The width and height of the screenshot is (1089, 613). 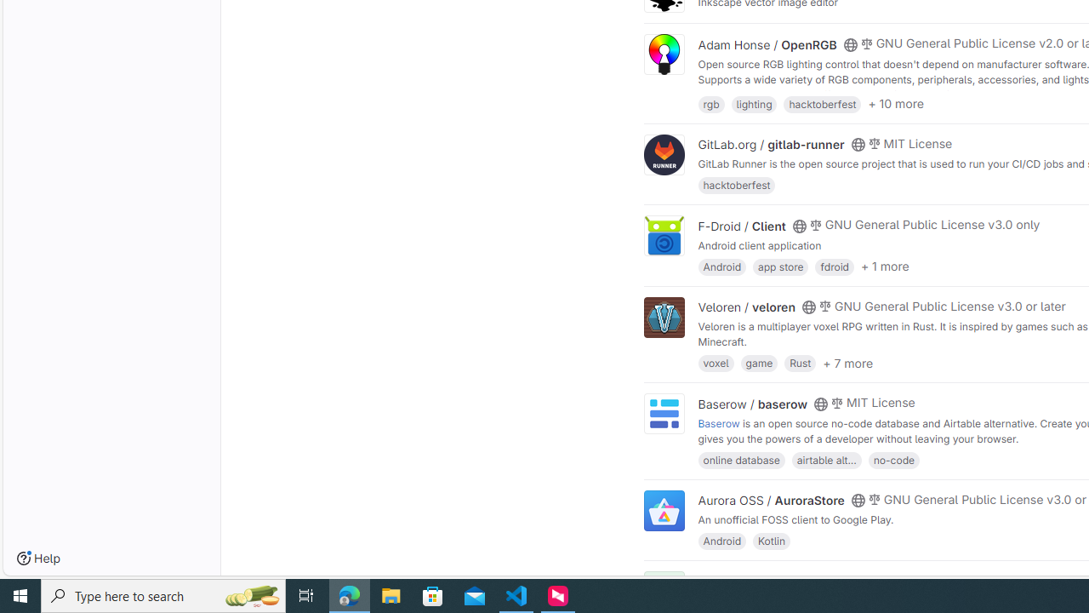 I want to click on 'voxel', so click(x=716, y=362).